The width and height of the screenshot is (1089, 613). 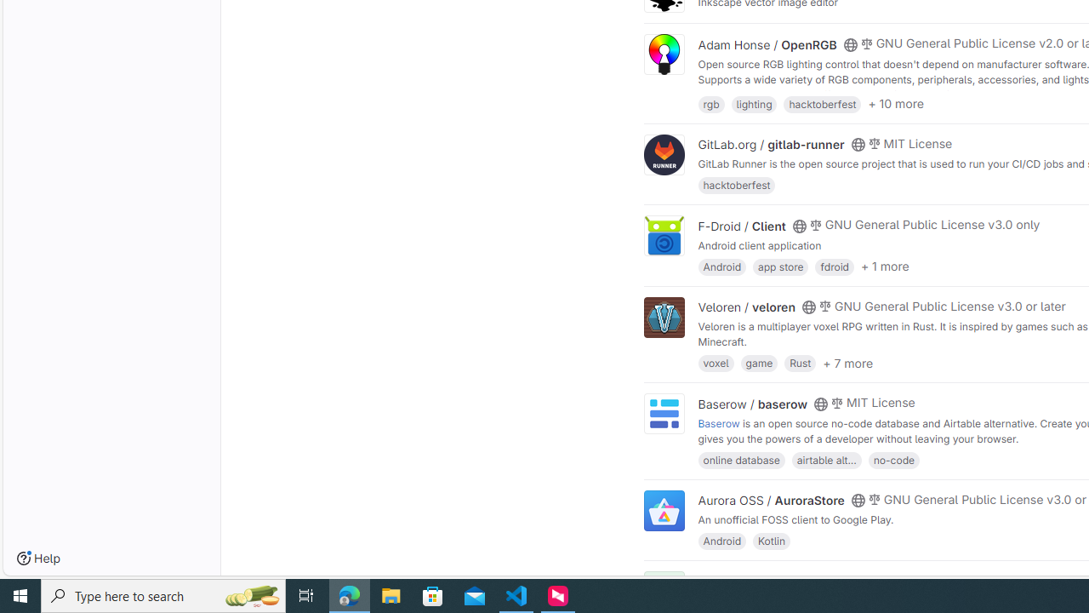 I want to click on 'voxel', so click(x=716, y=362).